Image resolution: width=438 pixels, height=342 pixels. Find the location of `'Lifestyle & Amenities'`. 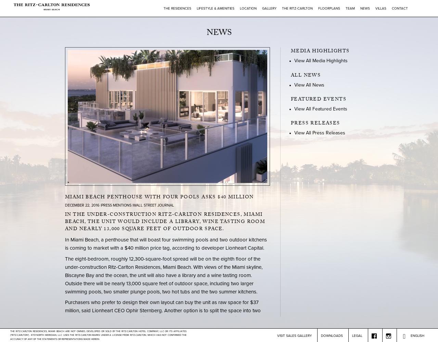

'Lifestyle & Amenities' is located at coordinates (215, 9).